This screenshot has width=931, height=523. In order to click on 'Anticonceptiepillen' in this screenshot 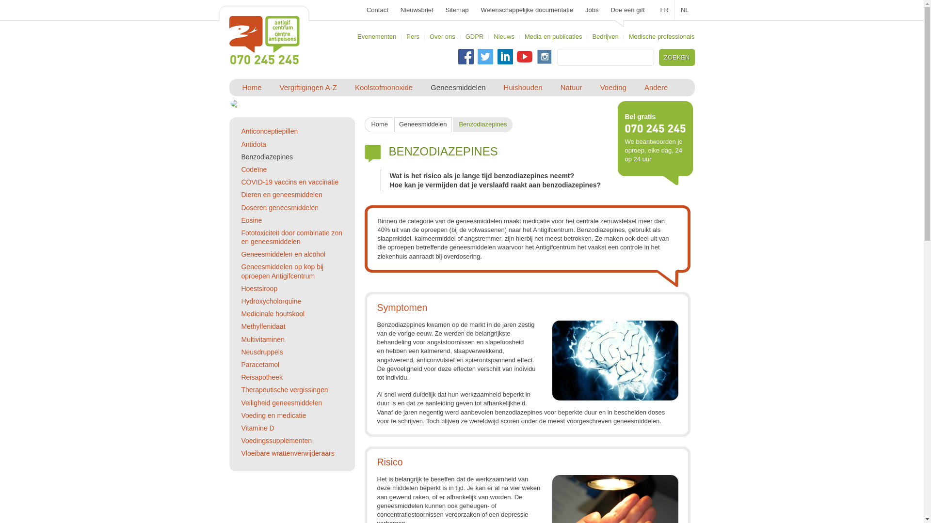, I will do `click(269, 131)`.